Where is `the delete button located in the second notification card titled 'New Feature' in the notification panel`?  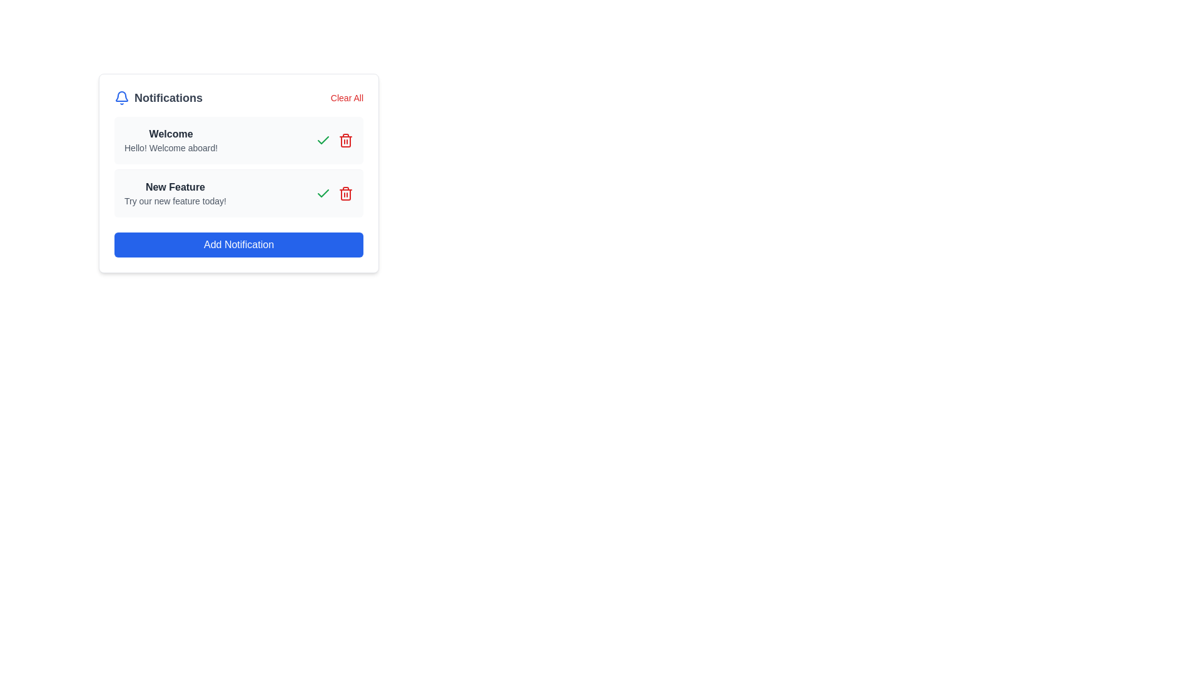
the delete button located in the second notification card titled 'New Feature' in the notification panel is located at coordinates (345, 141).